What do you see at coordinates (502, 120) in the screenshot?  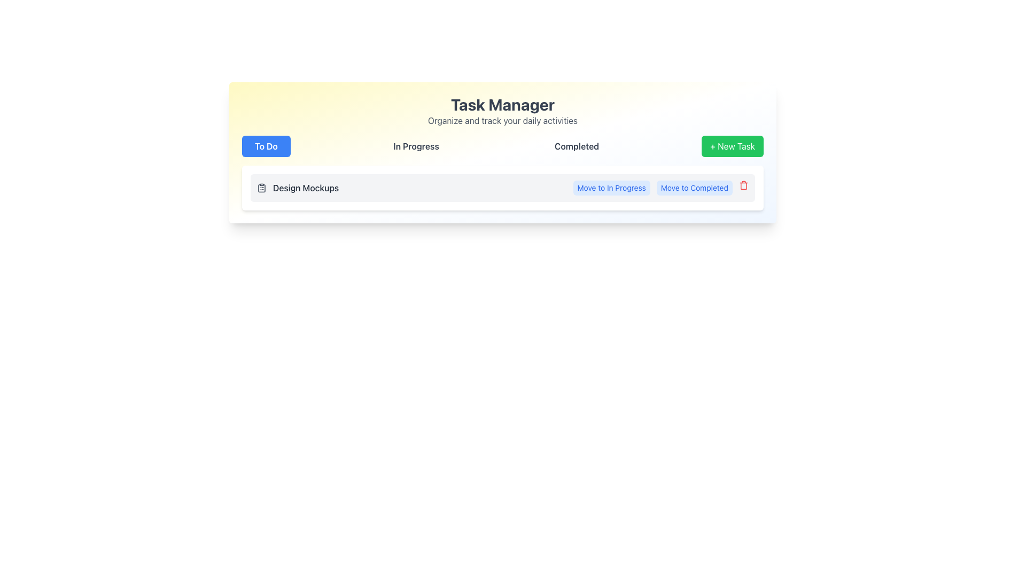 I see `the static text element that provides a subtitle for the header 'Task Manager', which describes the functionality of the application as 'Organize and track your daily activities'` at bounding box center [502, 120].